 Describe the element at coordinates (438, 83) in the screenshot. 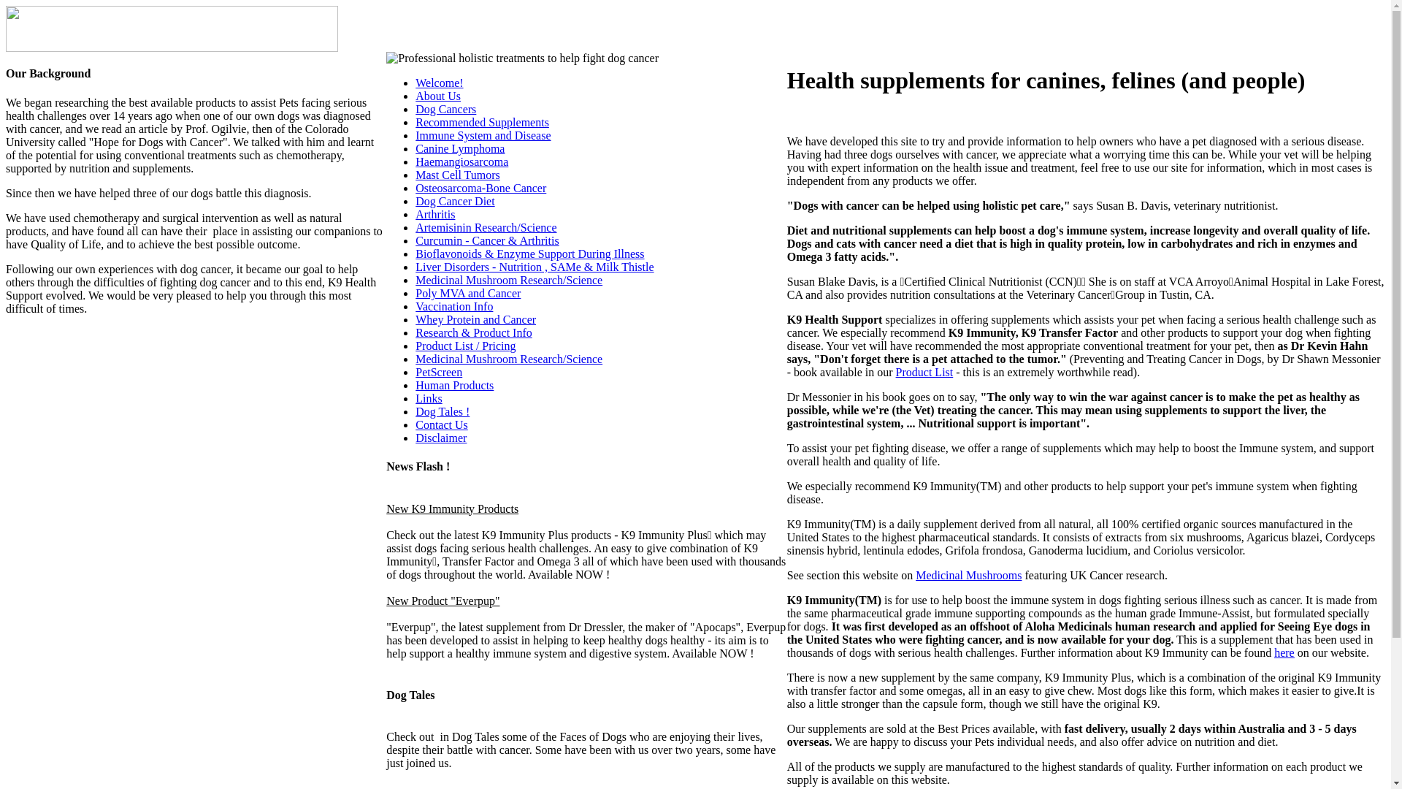

I see `'Welcome!'` at that location.